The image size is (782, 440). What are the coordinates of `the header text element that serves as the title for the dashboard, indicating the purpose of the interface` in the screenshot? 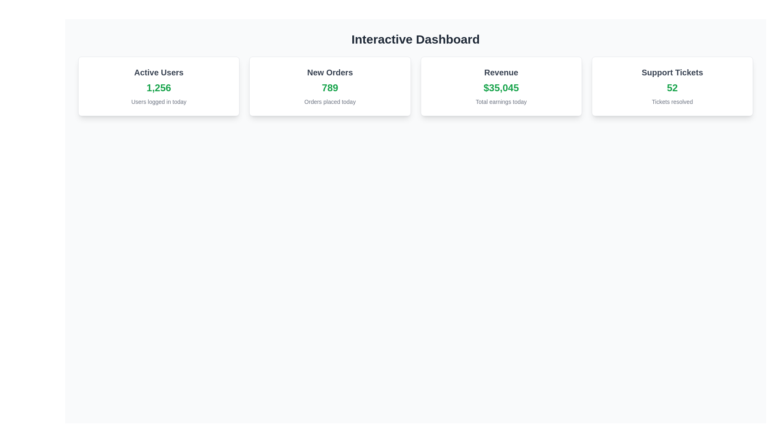 It's located at (415, 39).